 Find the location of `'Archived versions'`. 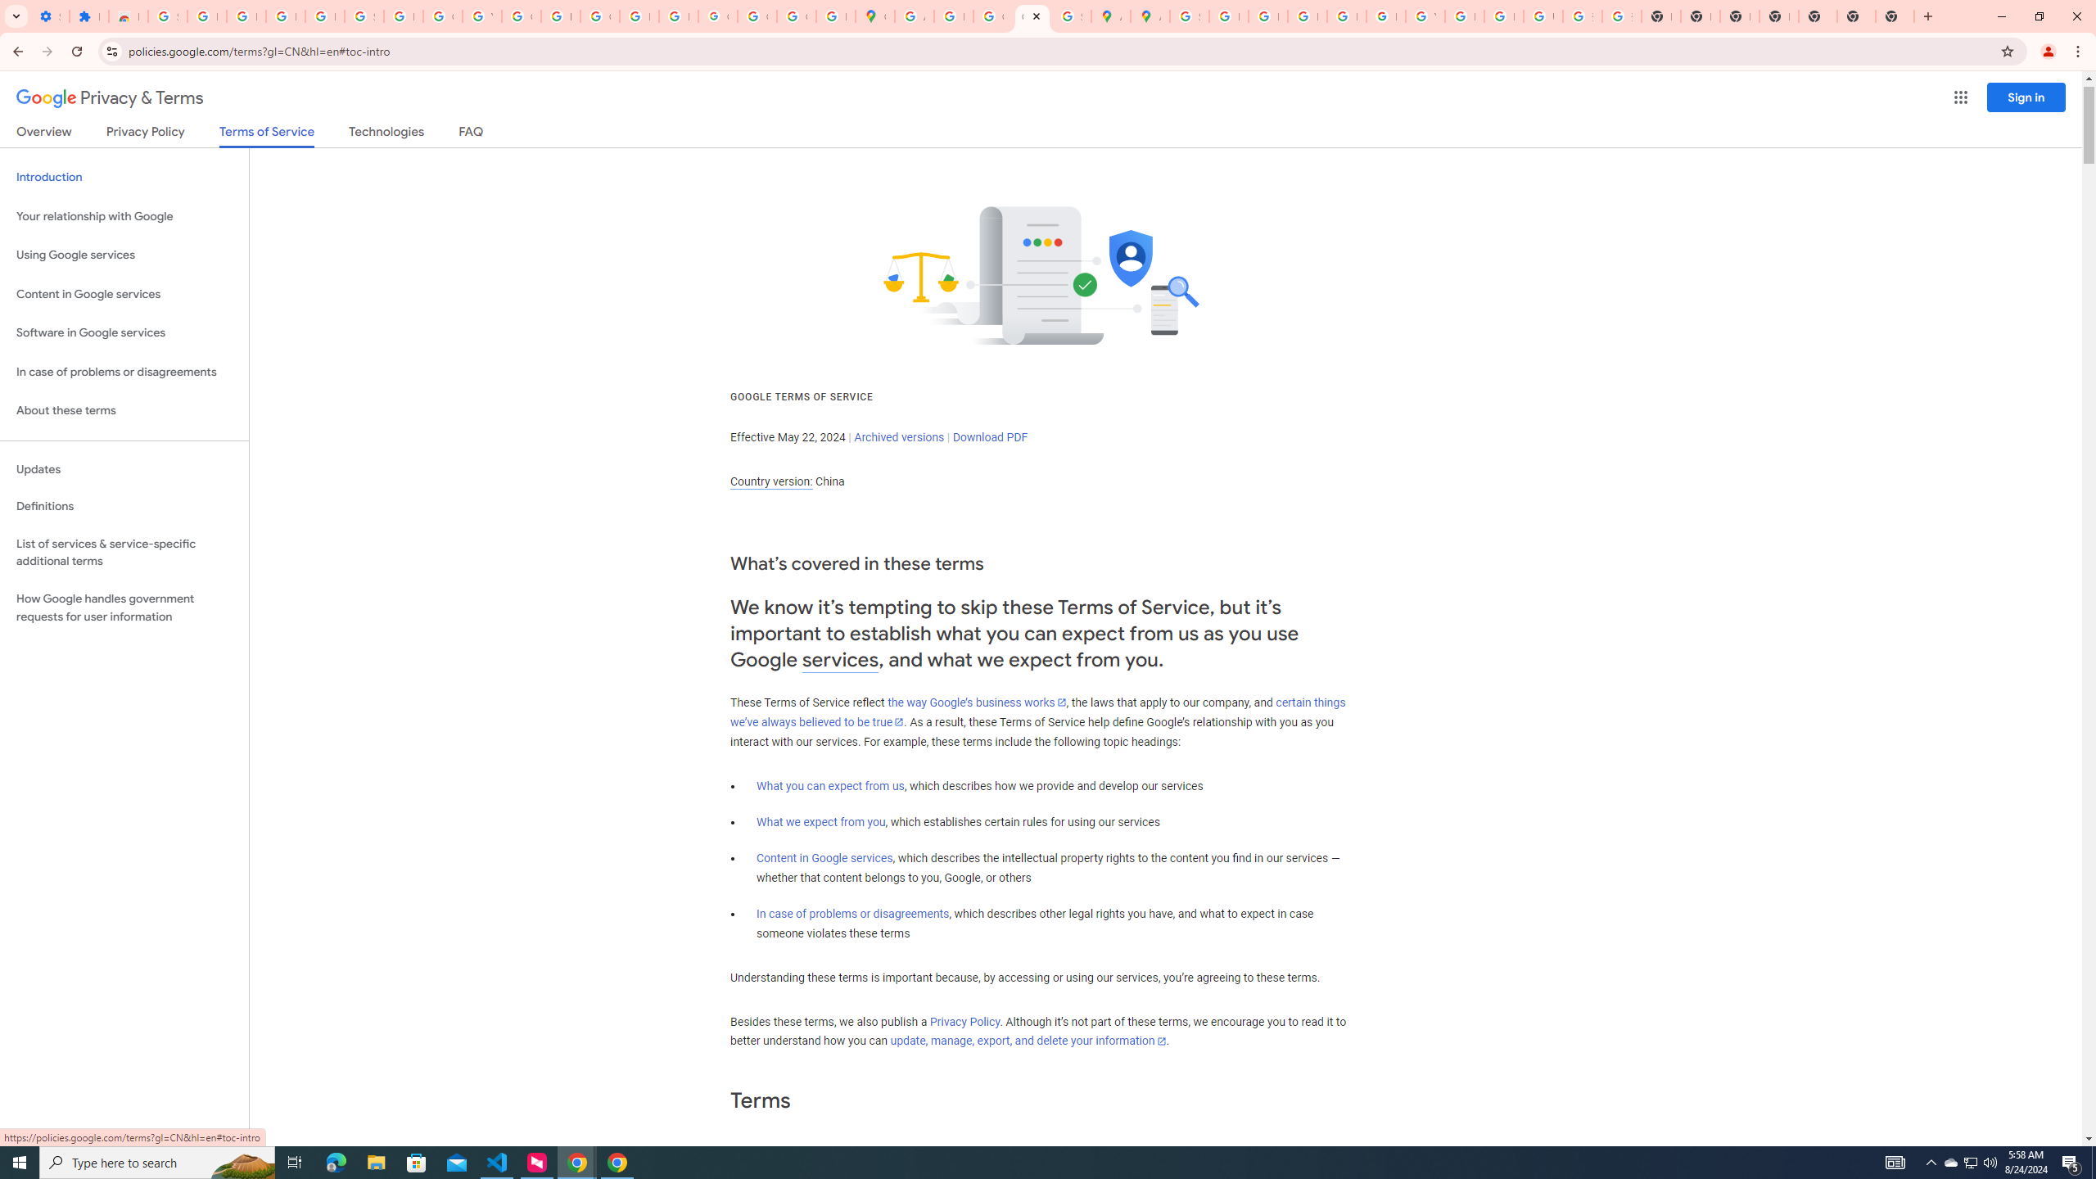

'Archived versions' is located at coordinates (898, 436).